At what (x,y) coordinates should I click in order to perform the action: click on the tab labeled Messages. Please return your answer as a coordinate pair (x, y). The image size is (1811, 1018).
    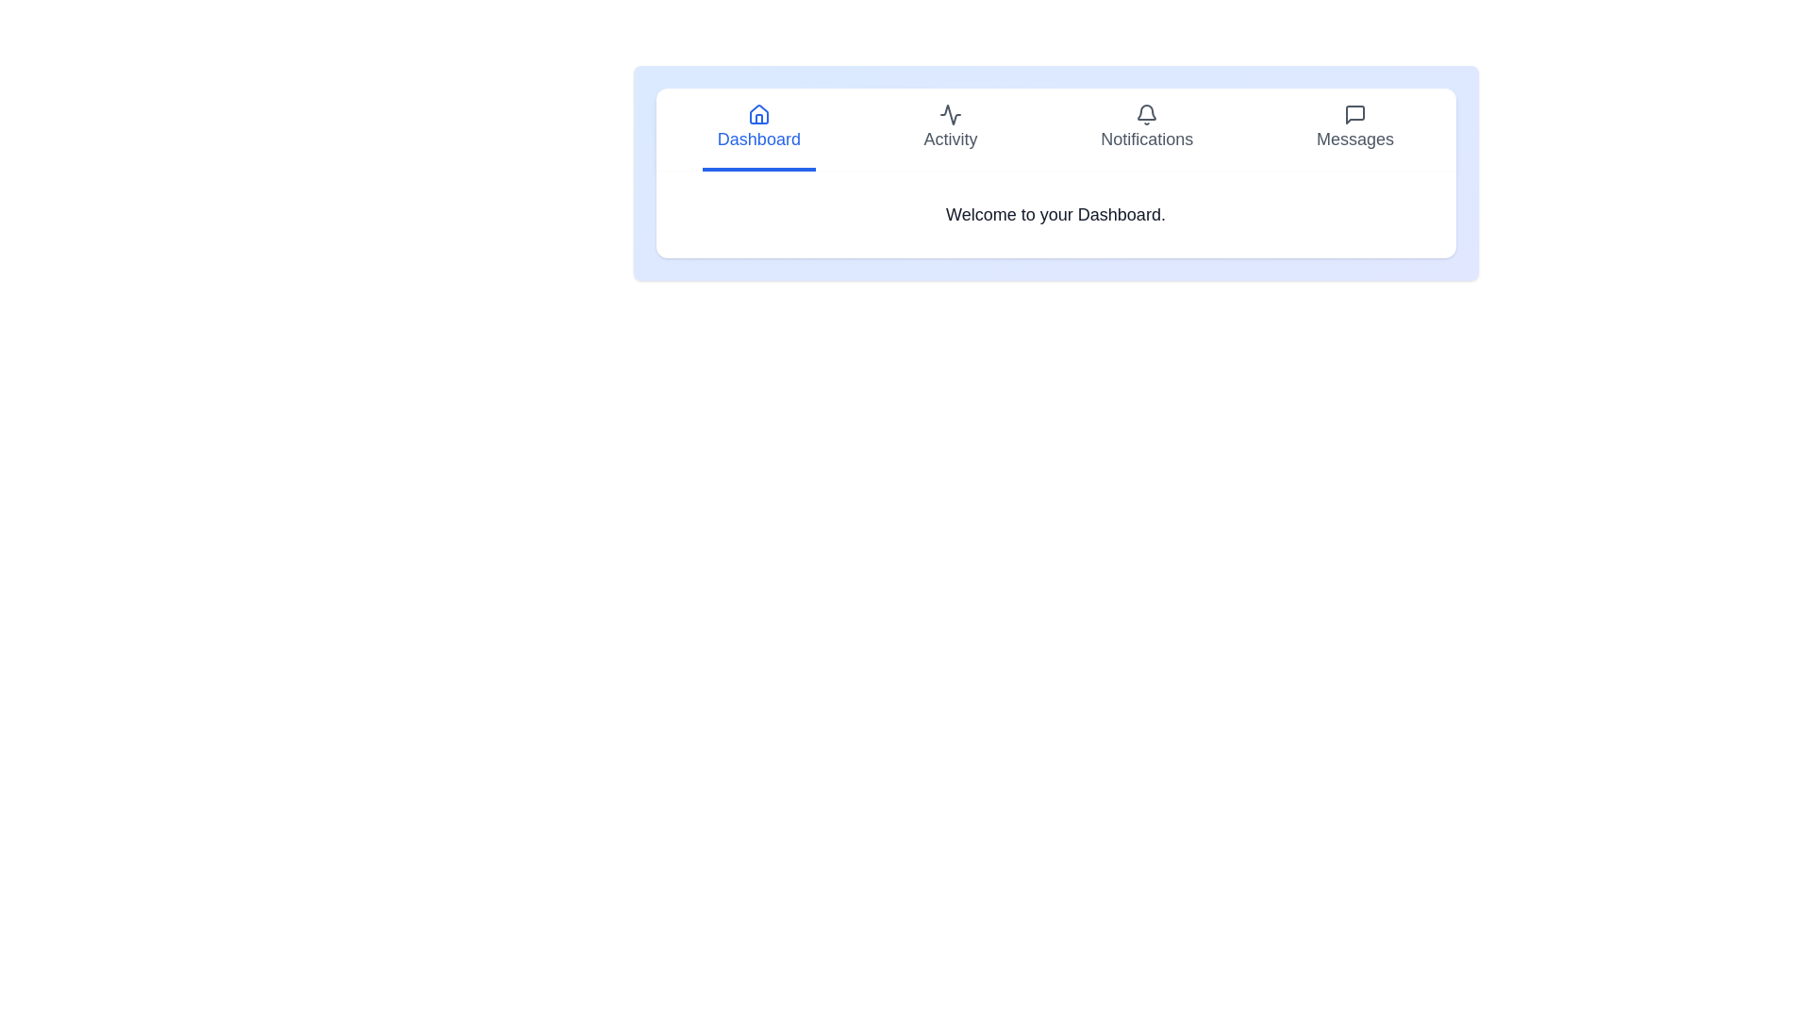
    Looking at the image, I should click on (1354, 129).